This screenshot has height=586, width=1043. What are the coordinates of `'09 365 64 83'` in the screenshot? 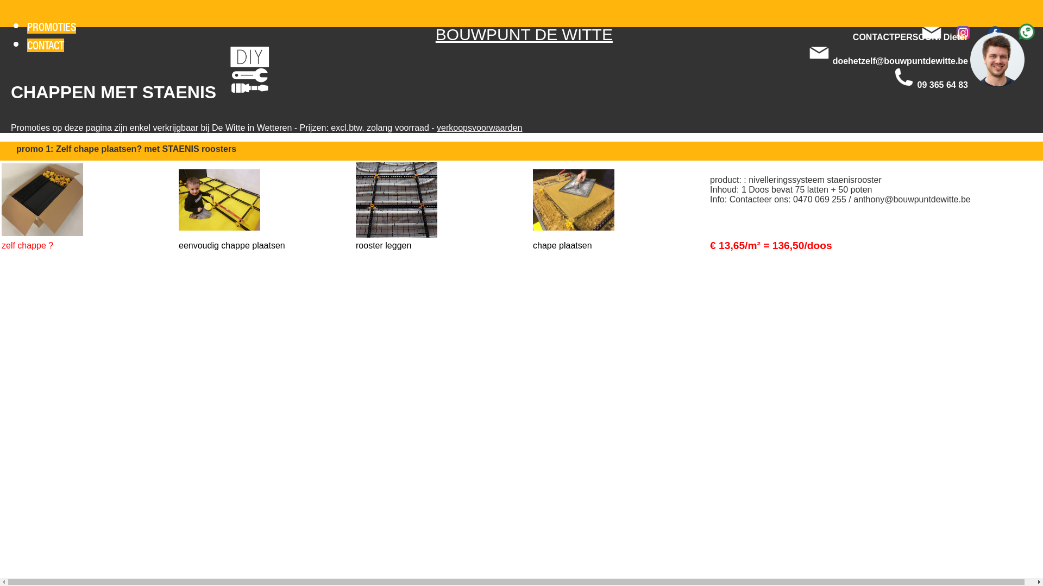 It's located at (917, 84).